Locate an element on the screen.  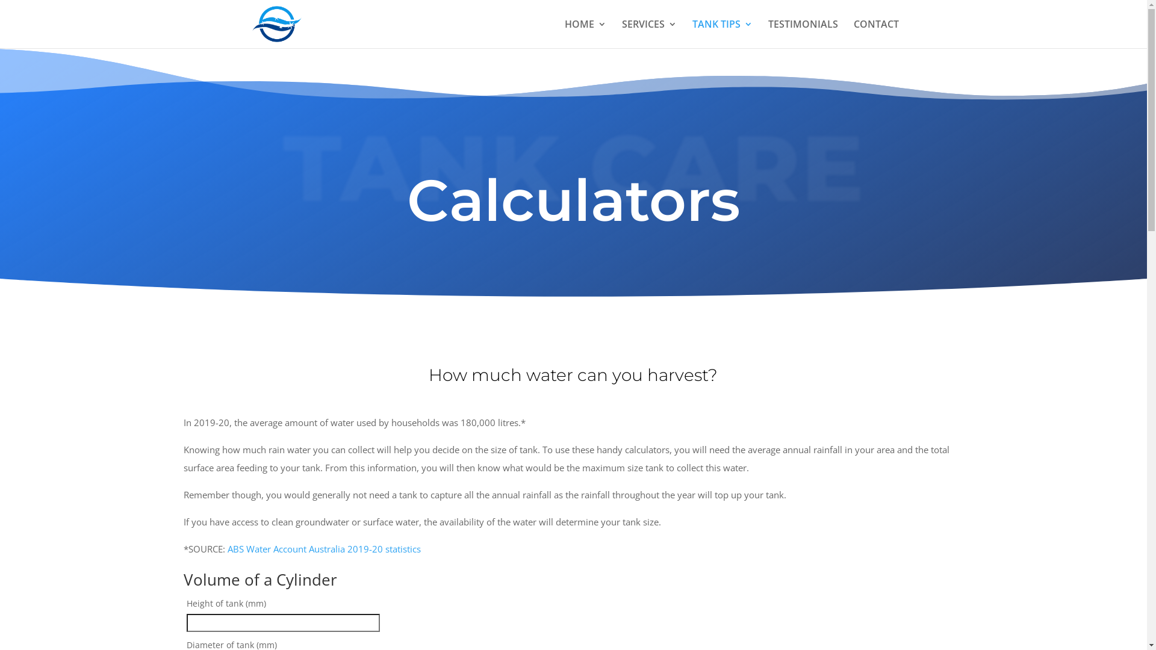
'ABS Water Account Australia 2019-20 statistics' is located at coordinates (324, 548).